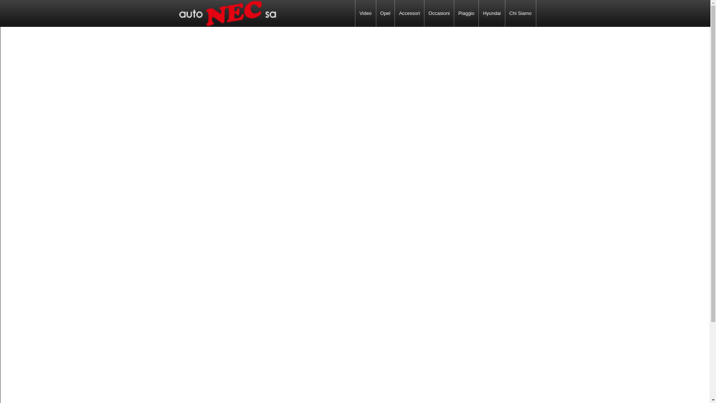  Describe the element at coordinates (505, 13) in the screenshot. I see `'Chi Siamo'` at that location.